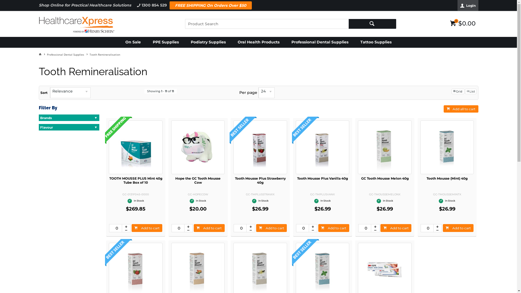 This screenshot has height=293, width=521. Describe the element at coordinates (133, 42) in the screenshot. I see `'On Sale'` at that location.